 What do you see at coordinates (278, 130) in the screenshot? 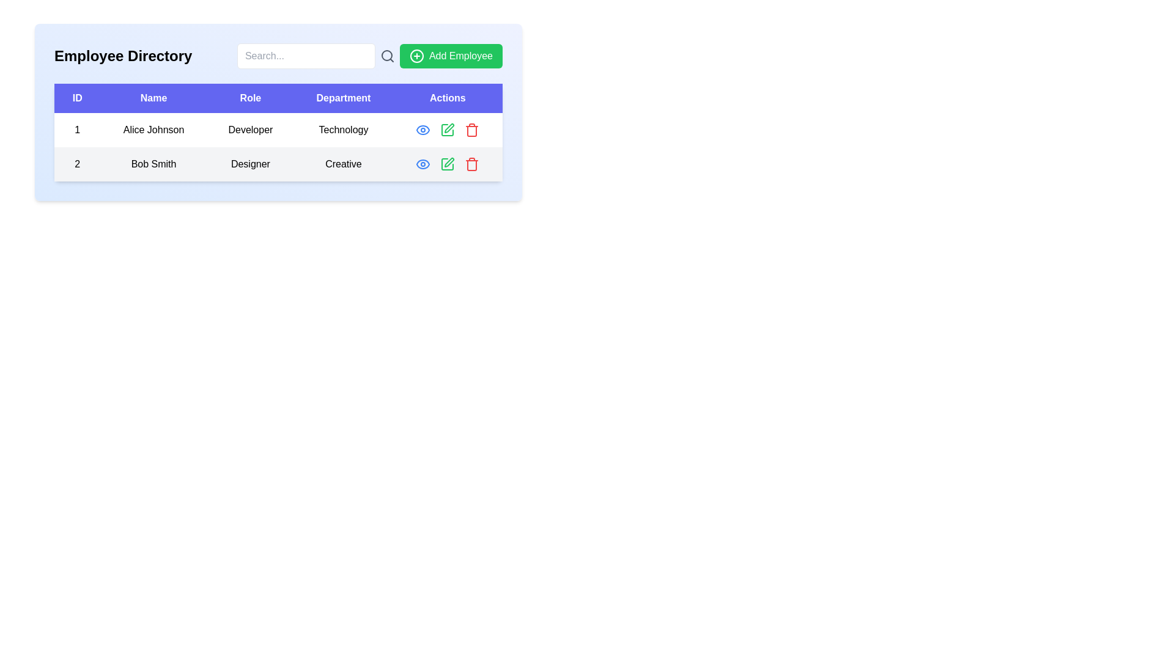
I see `the first row in the employee information table, which contains details about 'Alice Johnson', her role as 'Developer', and her department as 'Technology'` at bounding box center [278, 130].